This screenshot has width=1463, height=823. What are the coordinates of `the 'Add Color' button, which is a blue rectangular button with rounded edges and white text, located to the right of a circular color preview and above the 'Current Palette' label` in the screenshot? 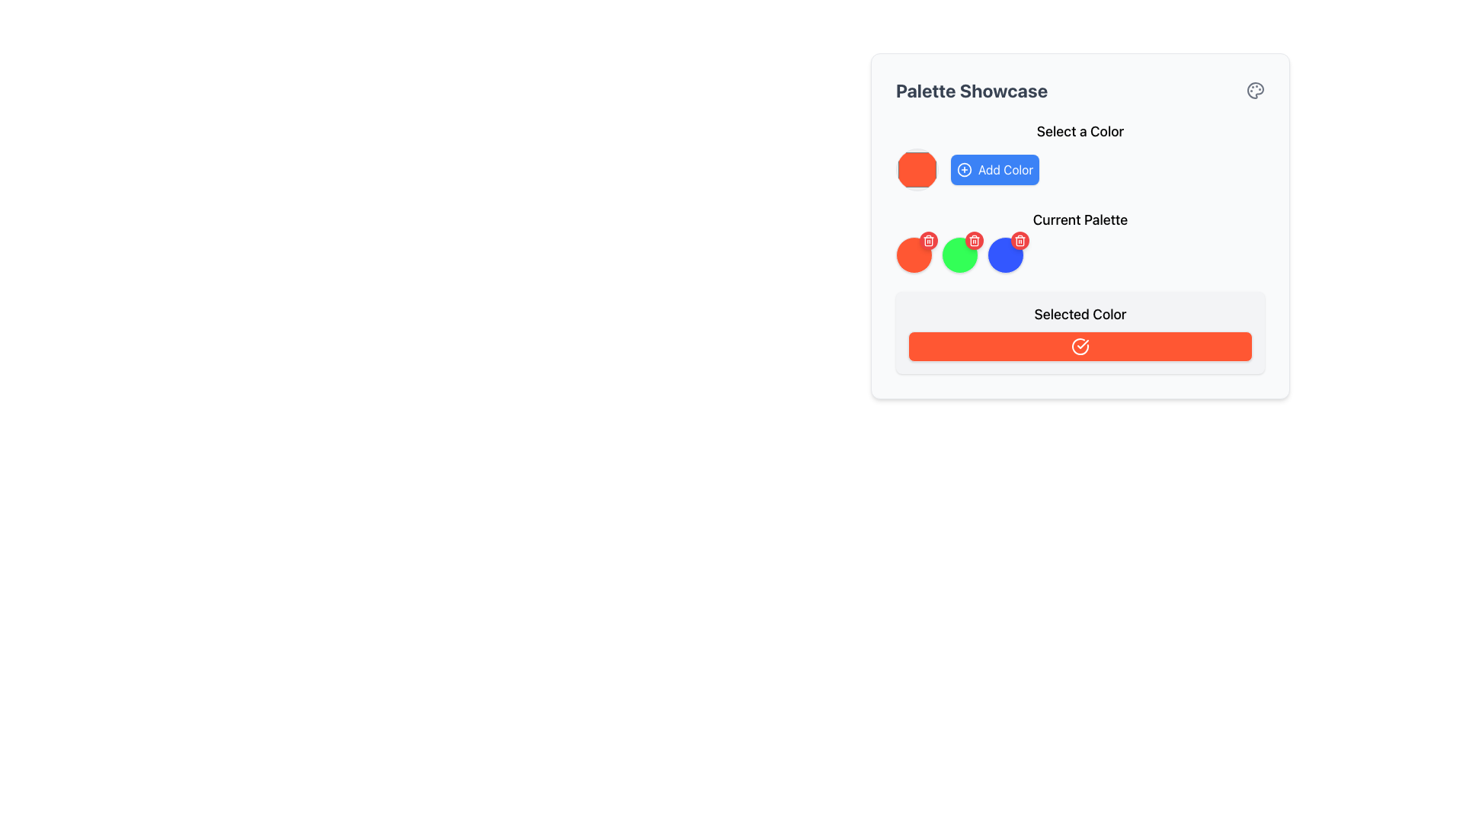 It's located at (994, 170).